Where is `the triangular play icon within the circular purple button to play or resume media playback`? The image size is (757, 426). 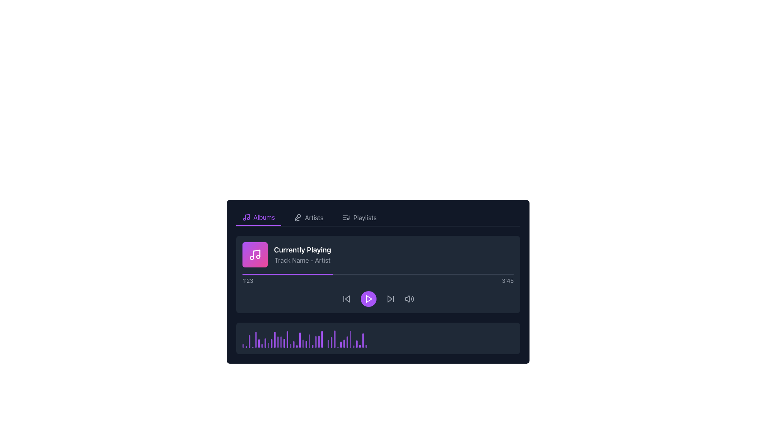
the triangular play icon within the circular purple button to play or resume media playback is located at coordinates (368, 299).